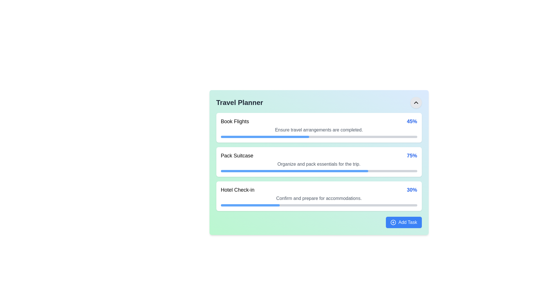 The image size is (548, 308). I want to click on the outer circular part of the 'Add Task' button's pictogram located at the bottom-right corner of the interface, so click(393, 222).